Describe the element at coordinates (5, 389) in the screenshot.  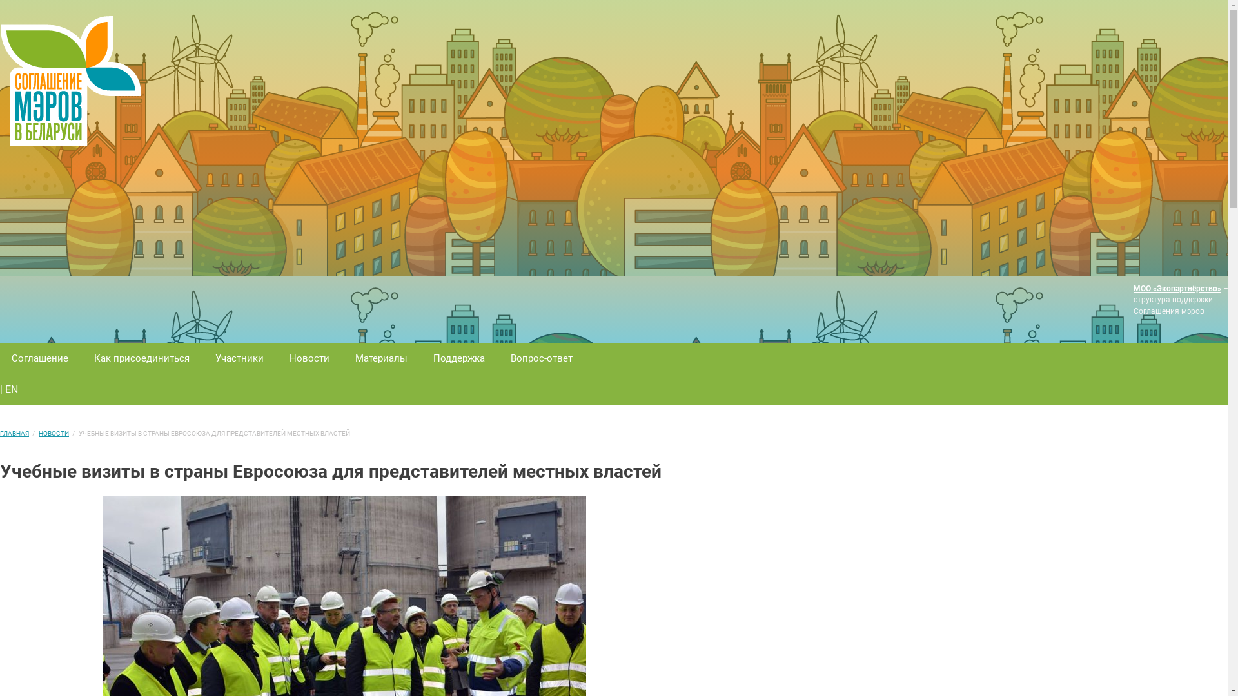
I see `'EN'` at that location.